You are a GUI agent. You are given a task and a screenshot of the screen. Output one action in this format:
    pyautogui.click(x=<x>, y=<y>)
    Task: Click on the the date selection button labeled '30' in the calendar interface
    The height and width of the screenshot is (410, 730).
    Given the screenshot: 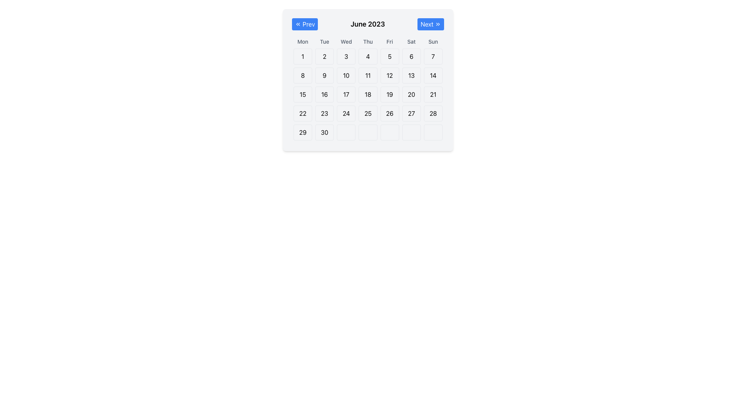 What is the action you would take?
    pyautogui.click(x=324, y=132)
    